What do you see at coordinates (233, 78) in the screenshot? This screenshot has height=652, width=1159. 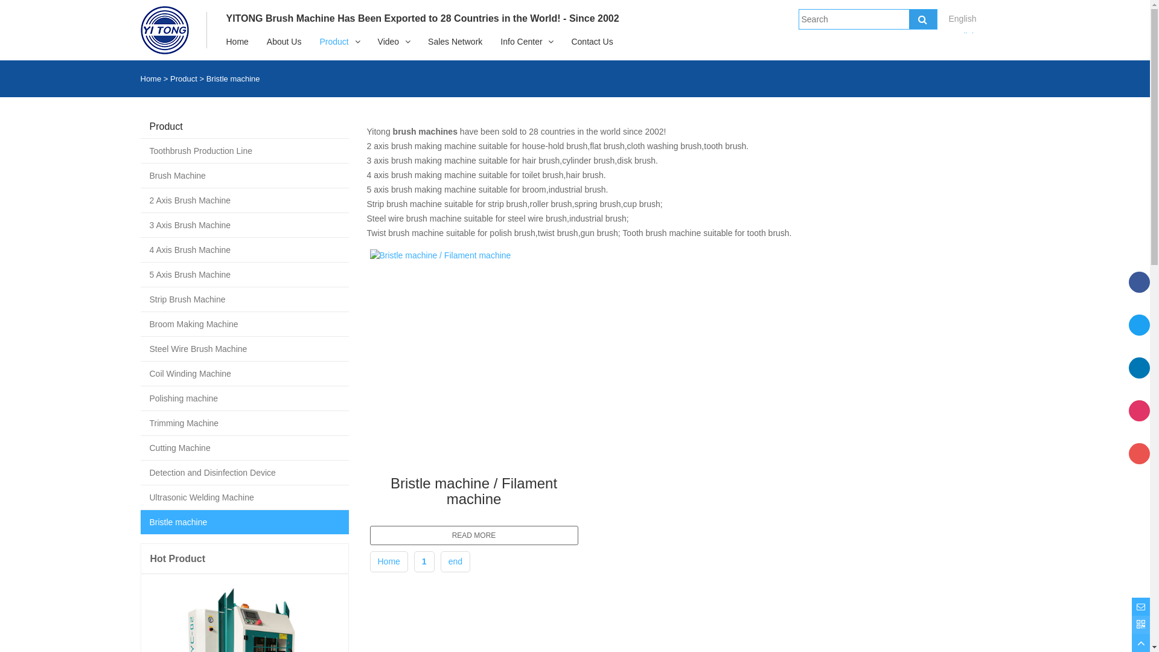 I see `'Bristle machine'` at bounding box center [233, 78].